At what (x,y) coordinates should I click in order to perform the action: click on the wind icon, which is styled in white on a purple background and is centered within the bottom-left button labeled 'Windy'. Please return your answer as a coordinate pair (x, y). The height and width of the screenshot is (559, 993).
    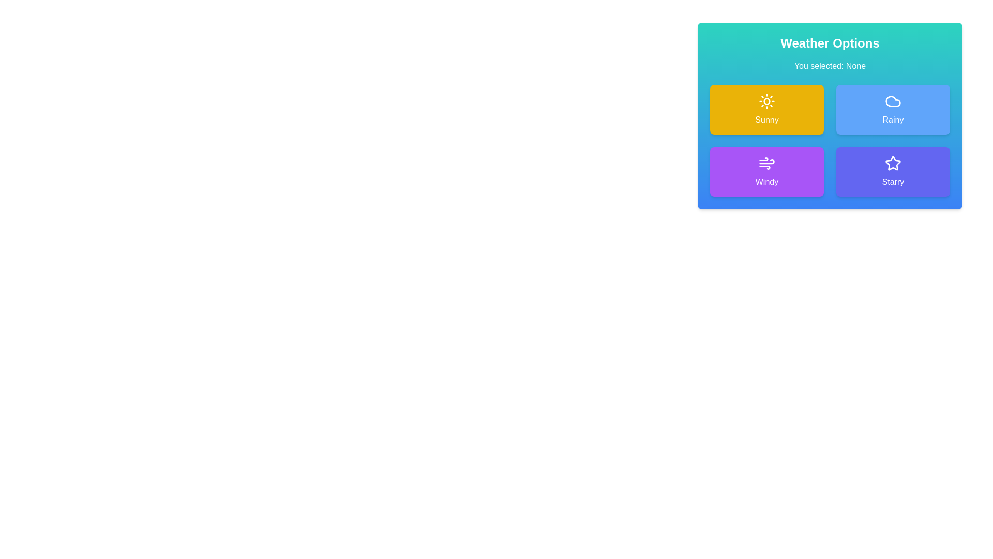
    Looking at the image, I should click on (767, 163).